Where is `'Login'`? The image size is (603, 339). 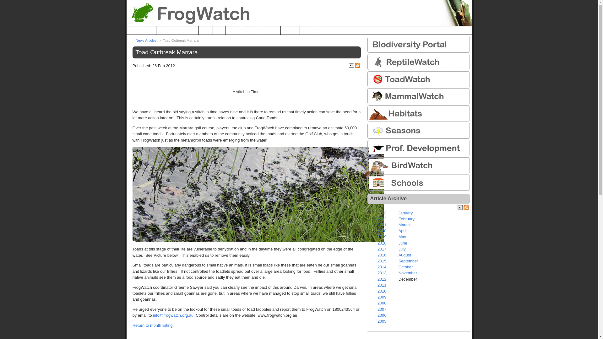 'Login' is located at coordinates (307, 30).